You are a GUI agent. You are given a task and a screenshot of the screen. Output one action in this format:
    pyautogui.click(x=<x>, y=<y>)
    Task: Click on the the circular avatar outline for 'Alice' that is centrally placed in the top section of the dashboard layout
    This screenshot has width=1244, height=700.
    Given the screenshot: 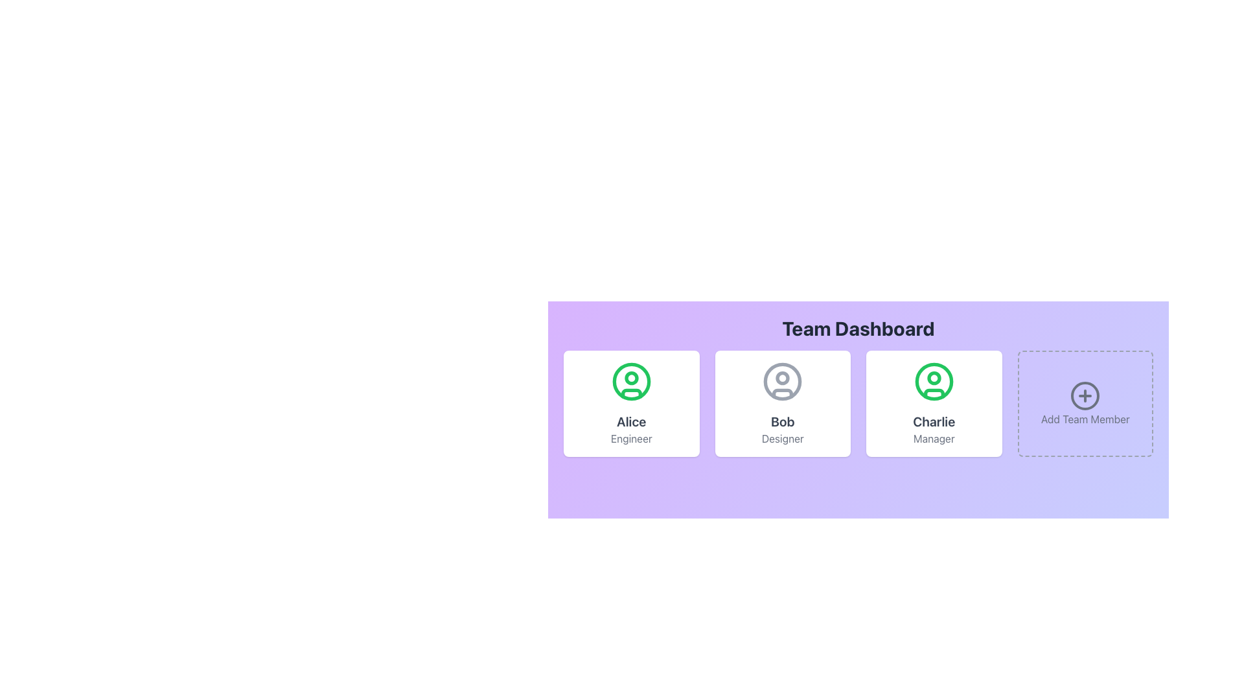 What is the action you would take?
    pyautogui.click(x=631, y=381)
    